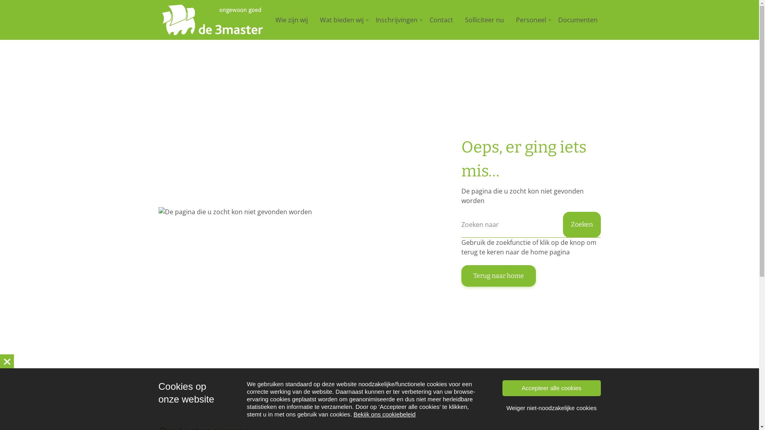 This screenshot has width=765, height=430. What do you see at coordinates (484, 20) in the screenshot?
I see `'Solliciteer nu'` at bounding box center [484, 20].